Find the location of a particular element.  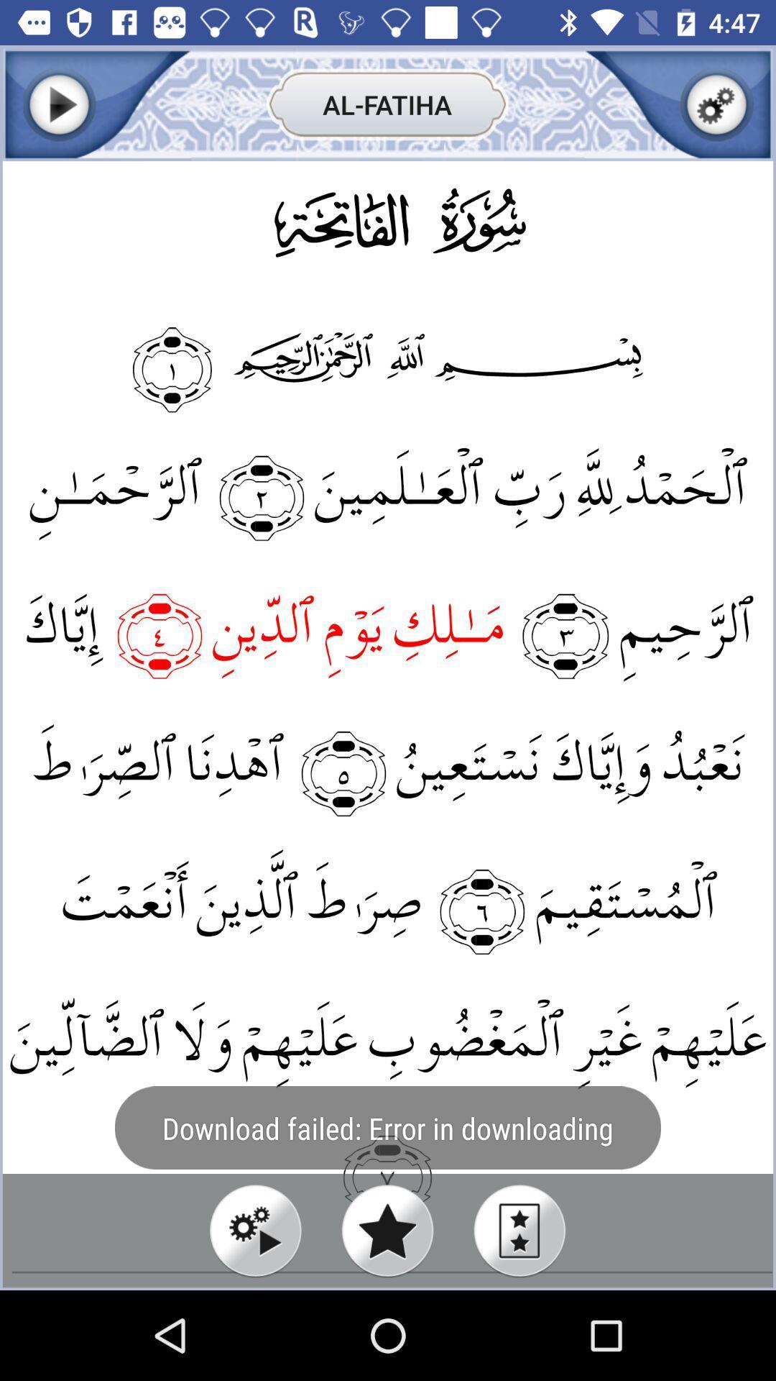

go back is located at coordinates (58, 104).